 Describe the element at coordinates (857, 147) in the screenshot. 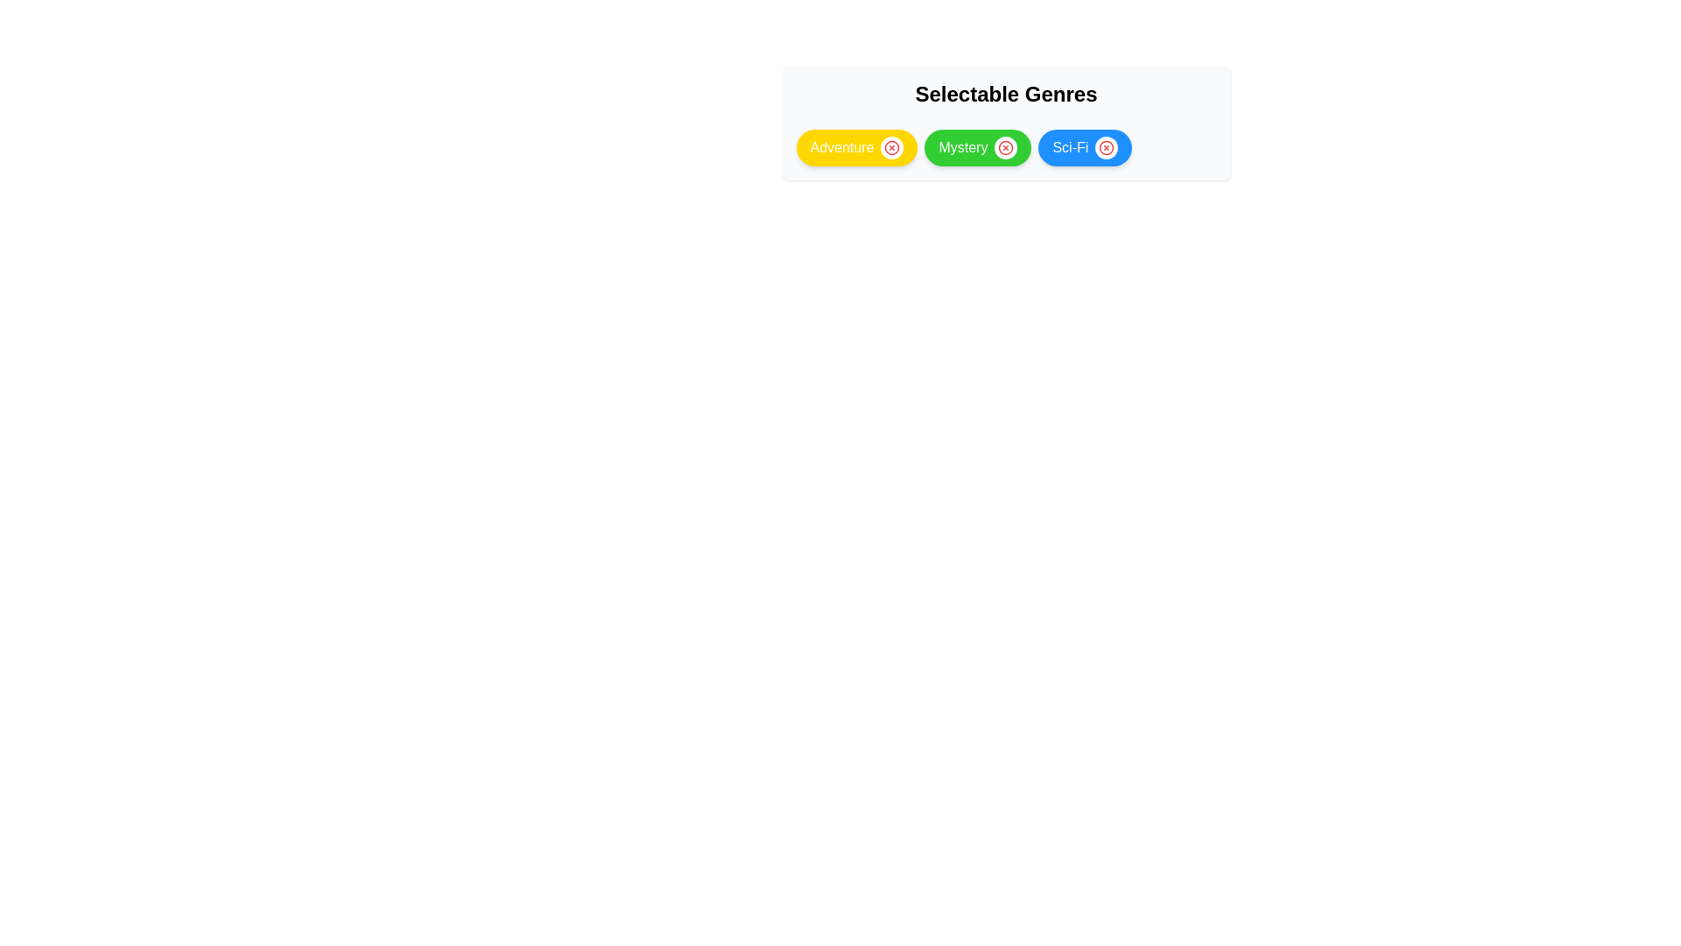

I see `the chip labeled Adventure to view its styling effect` at that location.